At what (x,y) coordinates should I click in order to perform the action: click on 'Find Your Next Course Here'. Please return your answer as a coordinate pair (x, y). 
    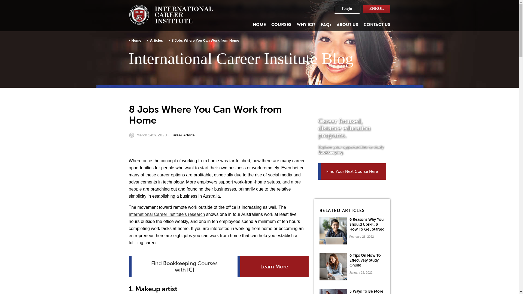
    Looking at the image, I should click on (352, 171).